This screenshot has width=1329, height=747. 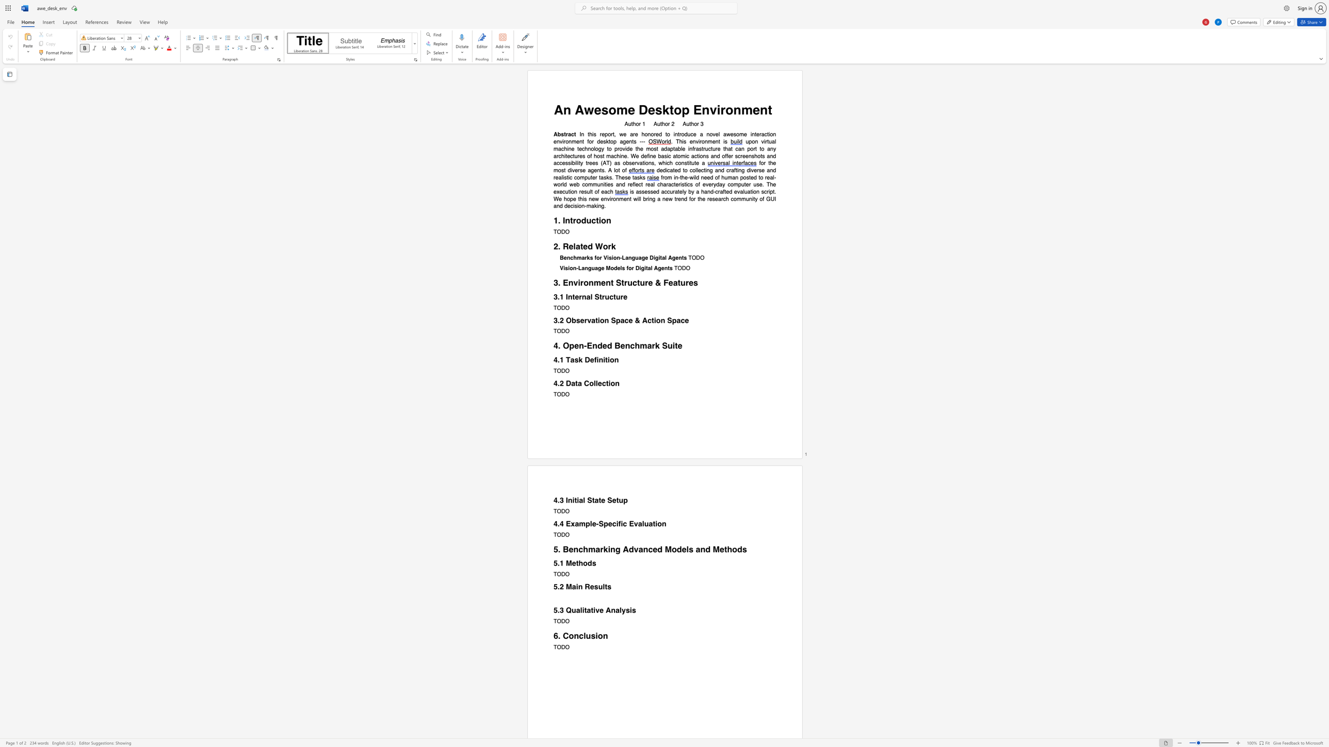 I want to click on the subset text "ced Mod" within the text "5. Benchmarking Advanced Models and Methods", so click(x=647, y=549).